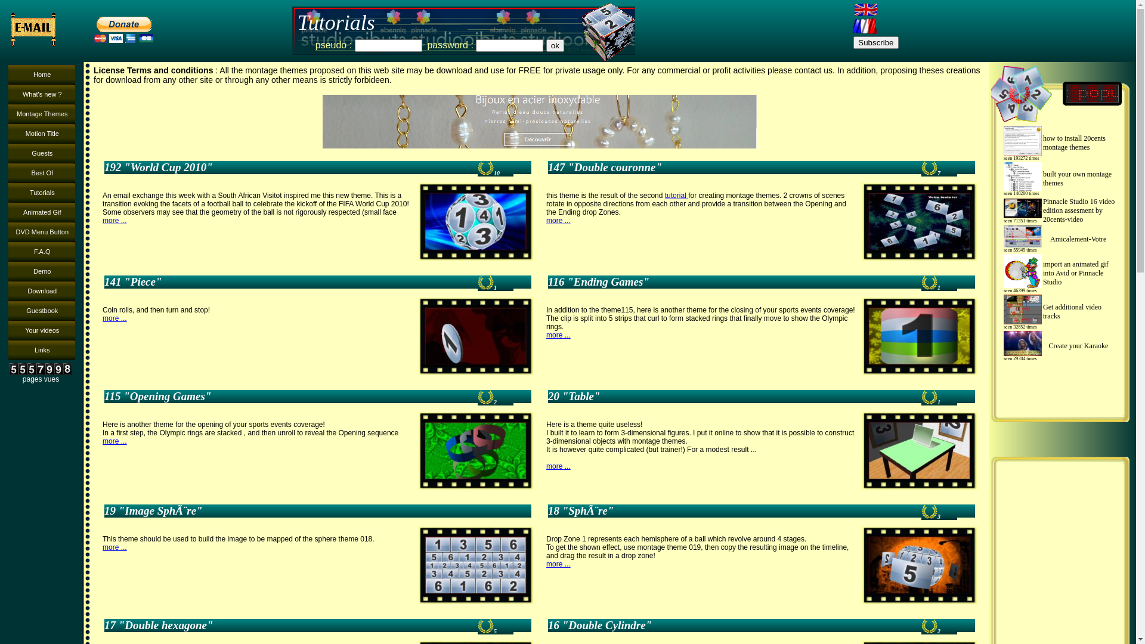  What do you see at coordinates (37, 29) in the screenshot?
I see `'email to 20cents-video'` at bounding box center [37, 29].